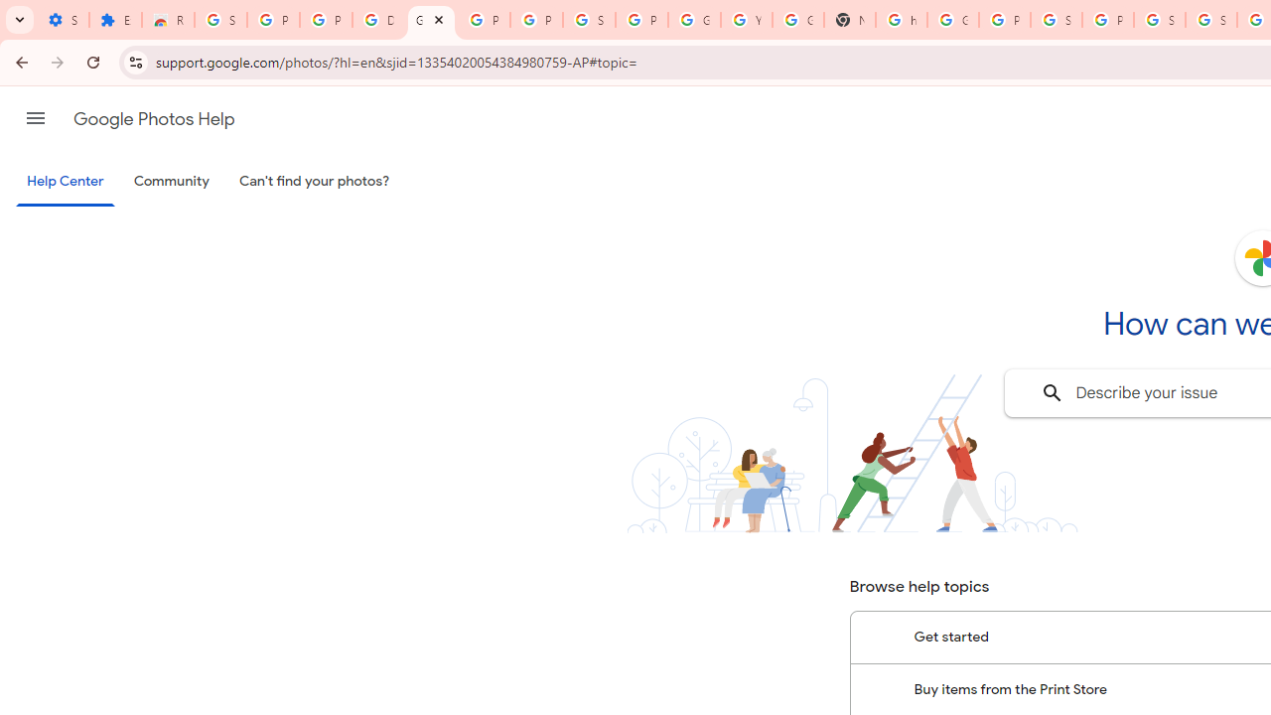  What do you see at coordinates (35, 118) in the screenshot?
I see `'Main menu'` at bounding box center [35, 118].